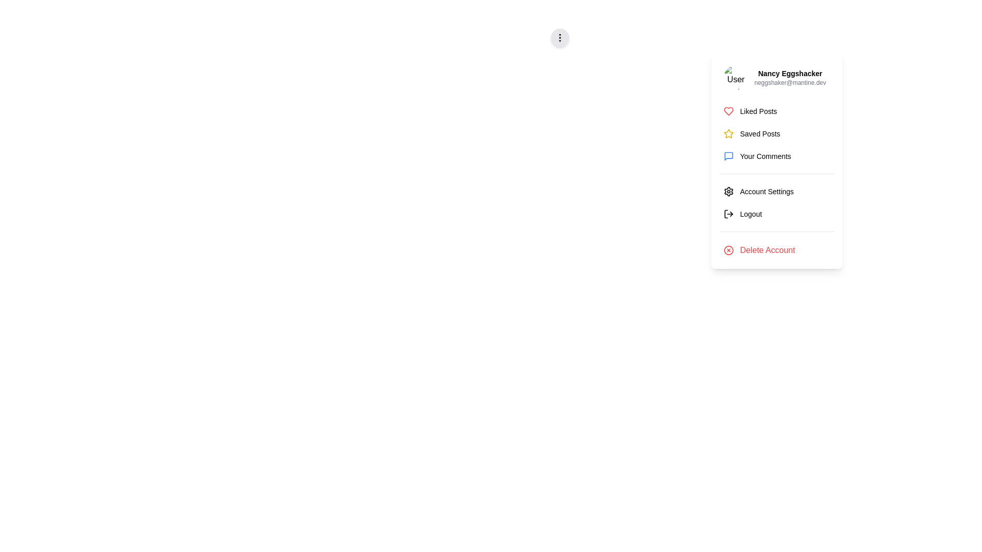 This screenshot has height=552, width=982. I want to click on the speech bubble icon, so click(728, 156).